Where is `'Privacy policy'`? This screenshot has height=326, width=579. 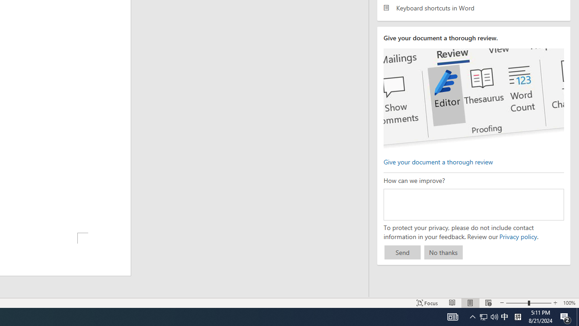 'Privacy policy' is located at coordinates (517, 236).